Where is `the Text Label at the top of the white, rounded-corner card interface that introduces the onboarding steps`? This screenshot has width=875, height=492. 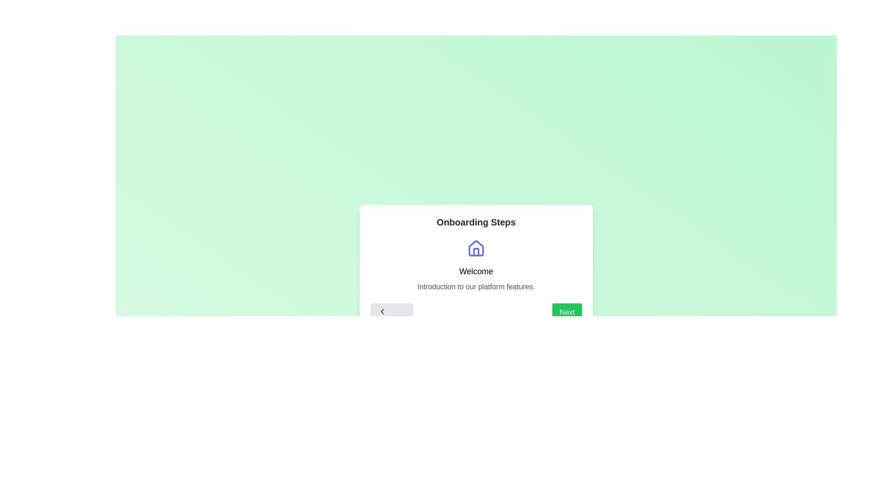
the Text Label at the top of the white, rounded-corner card interface that introduces the onboarding steps is located at coordinates (476, 222).